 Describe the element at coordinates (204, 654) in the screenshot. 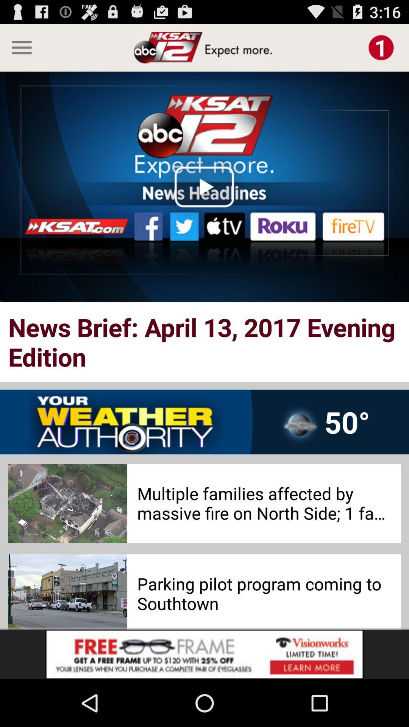

I see `advertisement` at that location.